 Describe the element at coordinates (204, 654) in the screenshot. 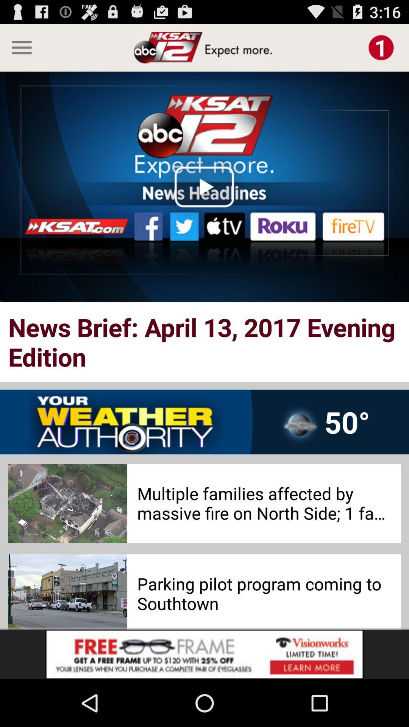

I see `advertisement` at that location.